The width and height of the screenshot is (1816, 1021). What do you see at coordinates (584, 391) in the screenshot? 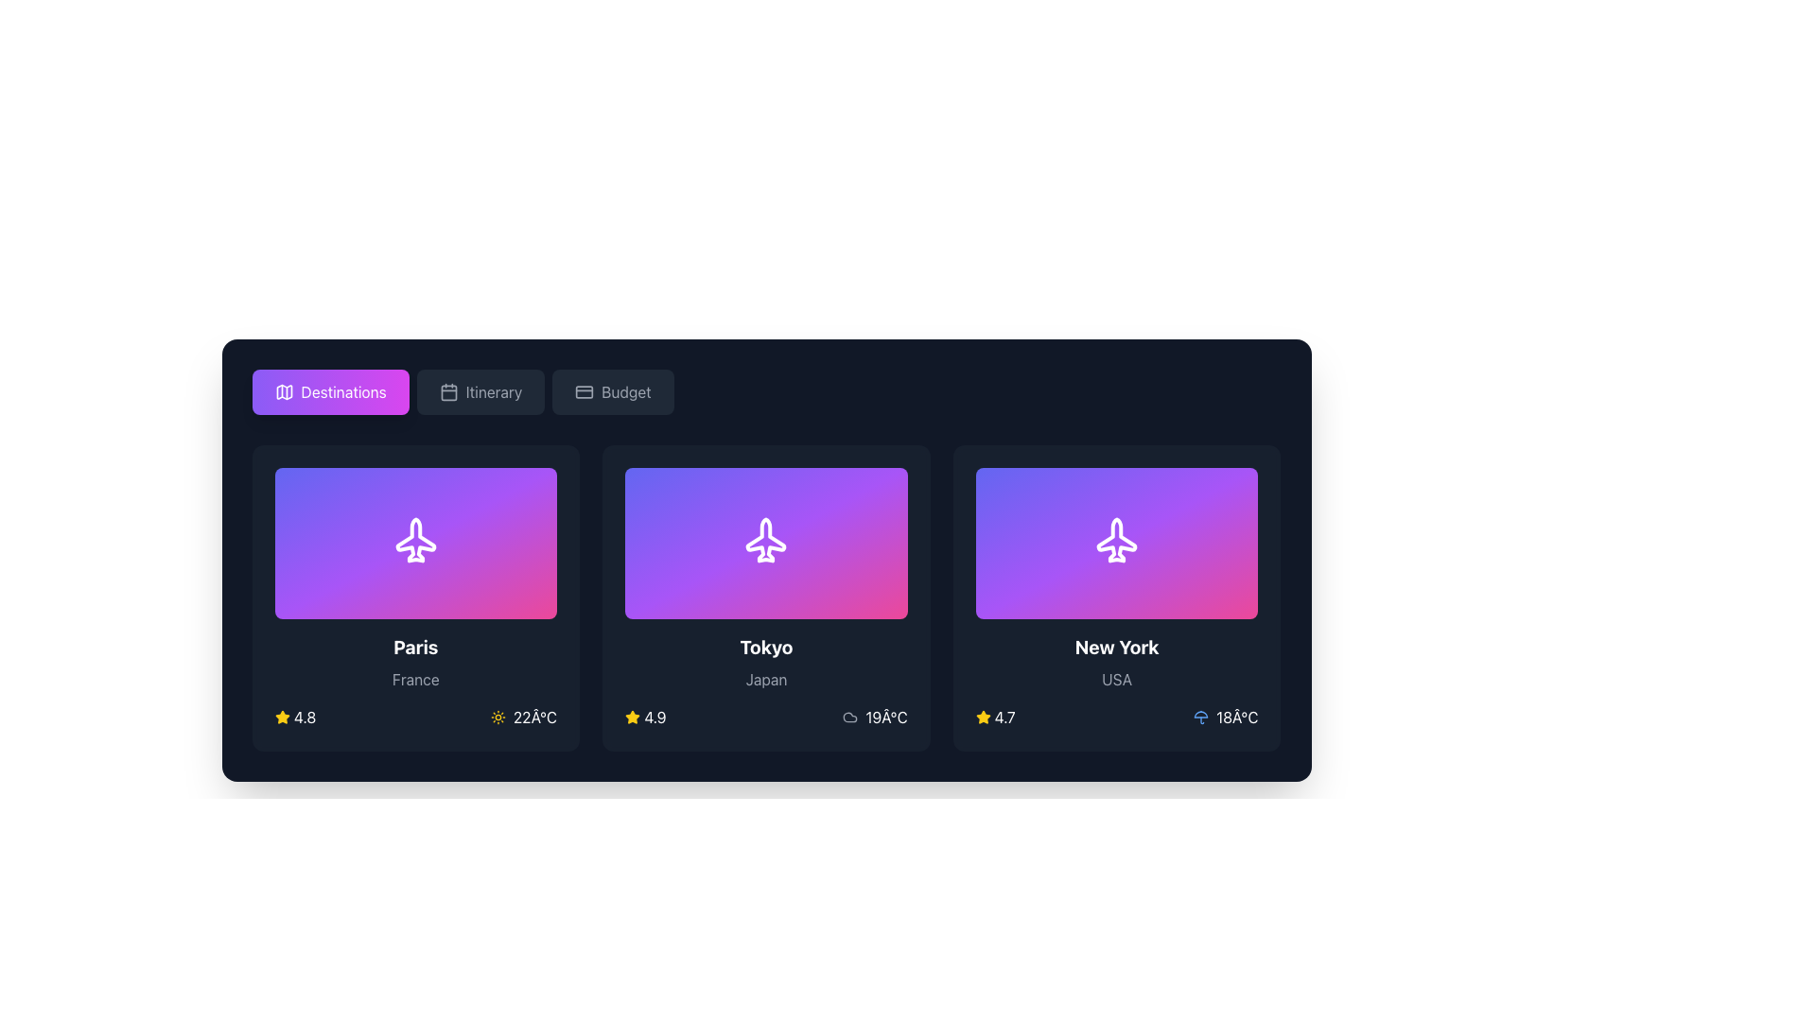
I see `the compact credit card icon embedded within the 'Budget' button, which is located at the left of the button's text` at bounding box center [584, 391].